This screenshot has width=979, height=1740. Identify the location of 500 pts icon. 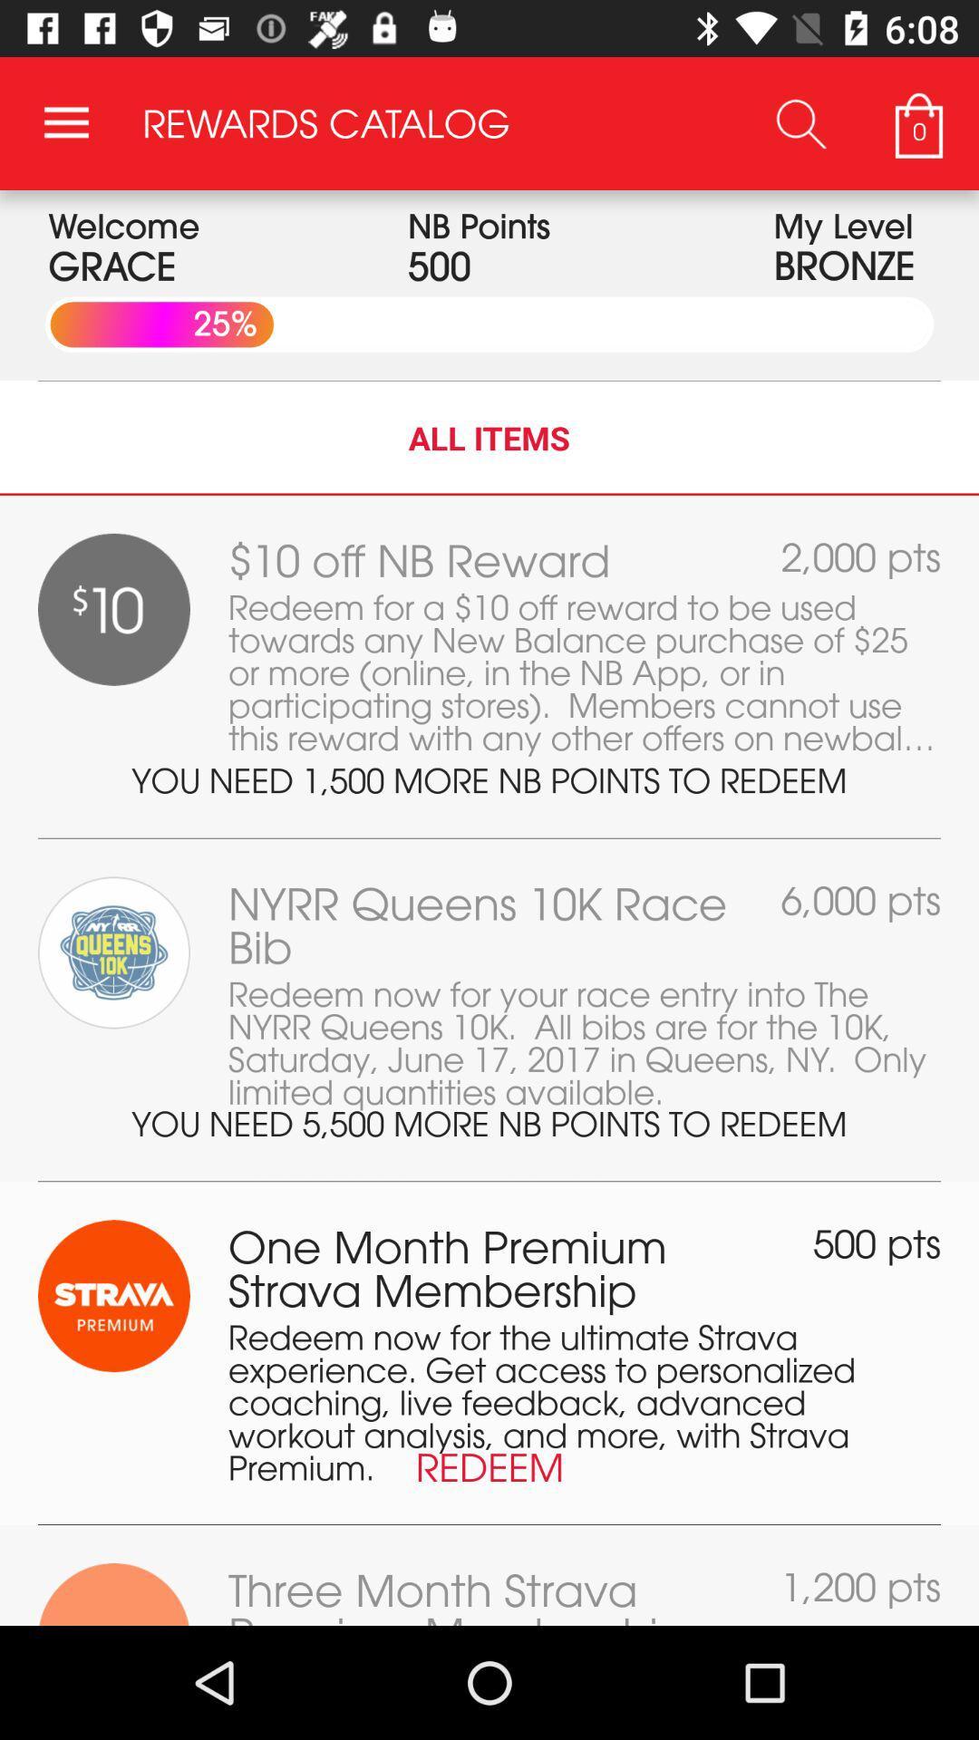
(876, 1242).